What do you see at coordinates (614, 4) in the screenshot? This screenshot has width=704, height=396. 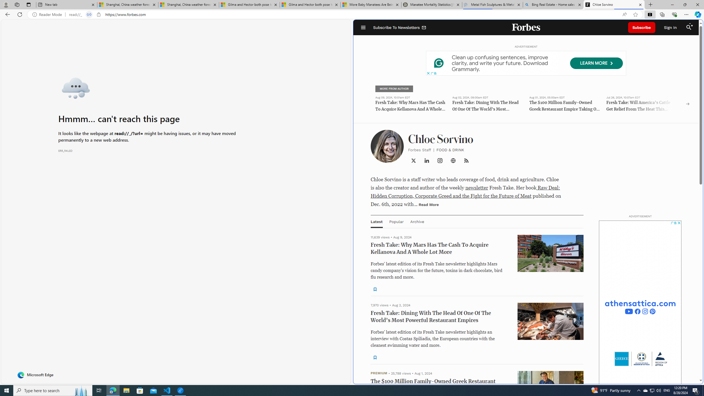 I see `'Chloe Sorvino'` at bounding box center [614, 4].